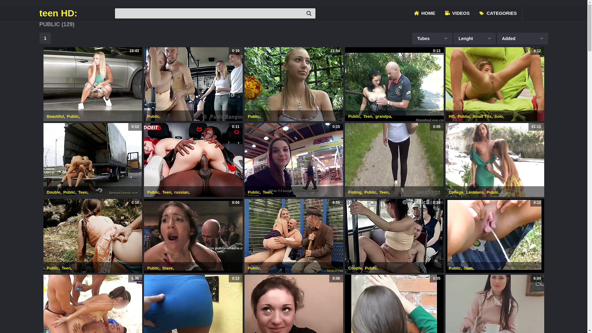 Image resolution: width=592 pixels, height=333 pixels. I want to click on 'VIDEOS', so click(458, 13).